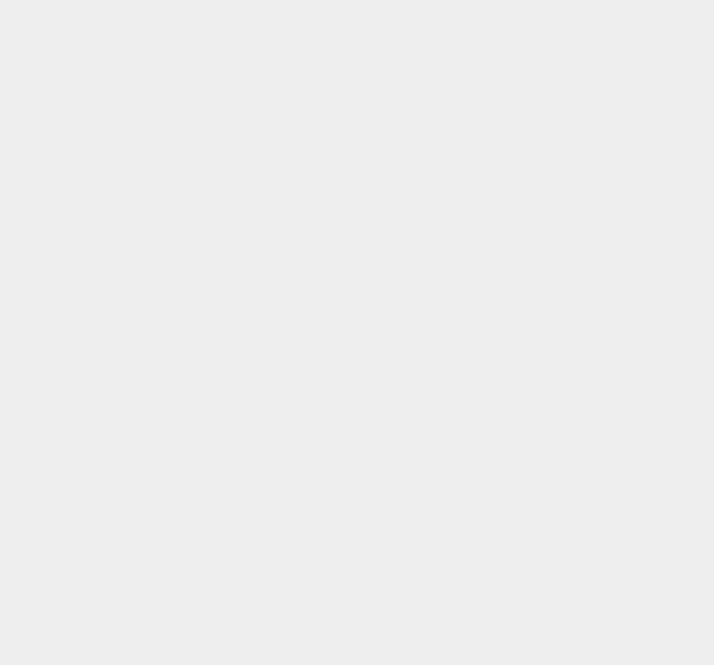 This screenshot has width=714, height=665. I want to click on 'iGoogle', so click(518, 222).